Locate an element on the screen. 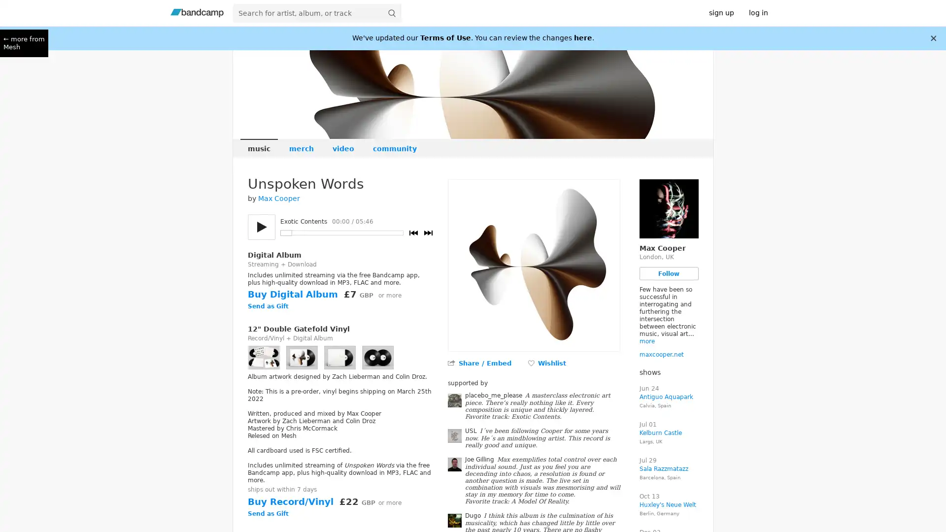  Previous track is located at coordinates (413, 233).